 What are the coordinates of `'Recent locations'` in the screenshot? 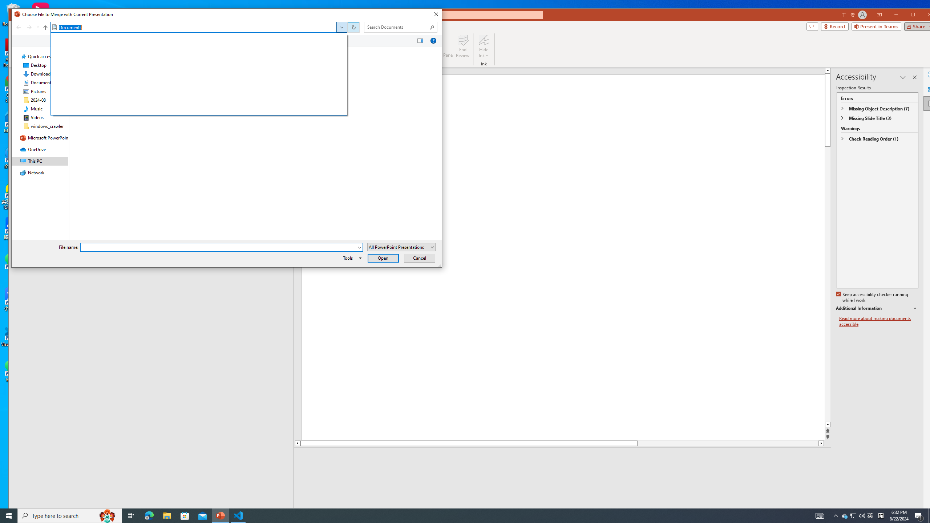 It's located at (37, 27).